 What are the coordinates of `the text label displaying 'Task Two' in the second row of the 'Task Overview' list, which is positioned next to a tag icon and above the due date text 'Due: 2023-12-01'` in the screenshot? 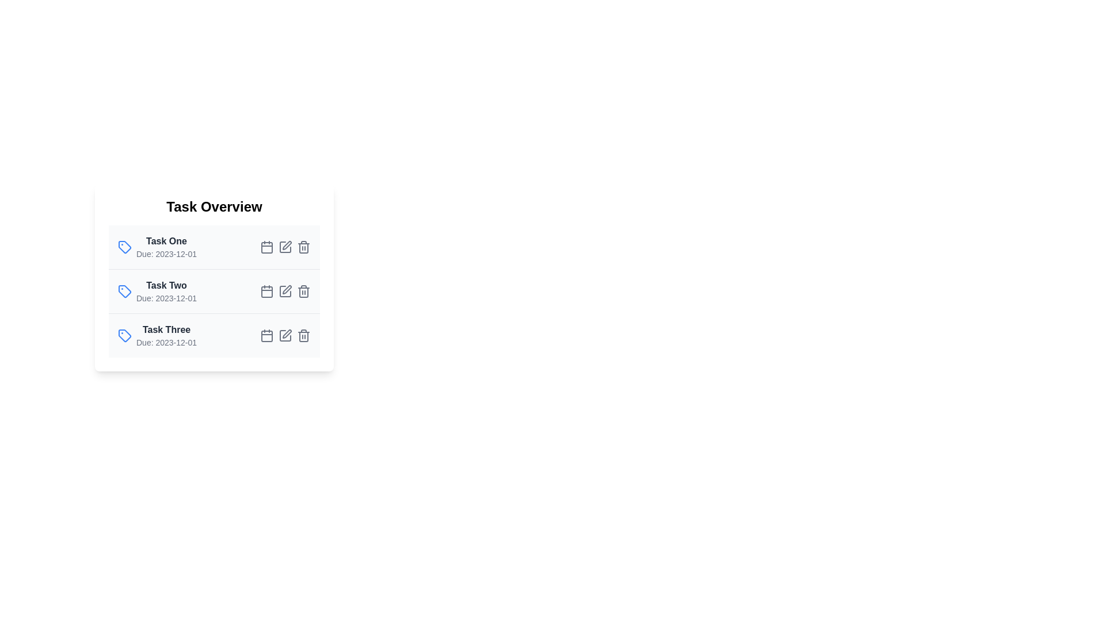 It's located at (166, 285).